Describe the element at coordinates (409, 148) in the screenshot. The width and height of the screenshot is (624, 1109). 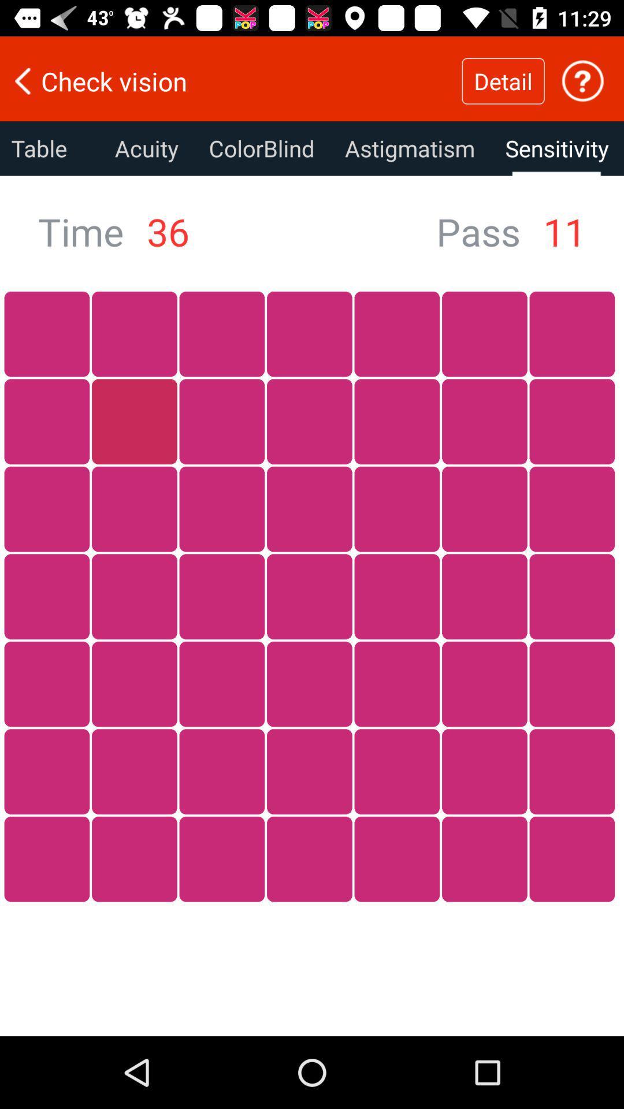
I see `the item below the check vision` at that location.